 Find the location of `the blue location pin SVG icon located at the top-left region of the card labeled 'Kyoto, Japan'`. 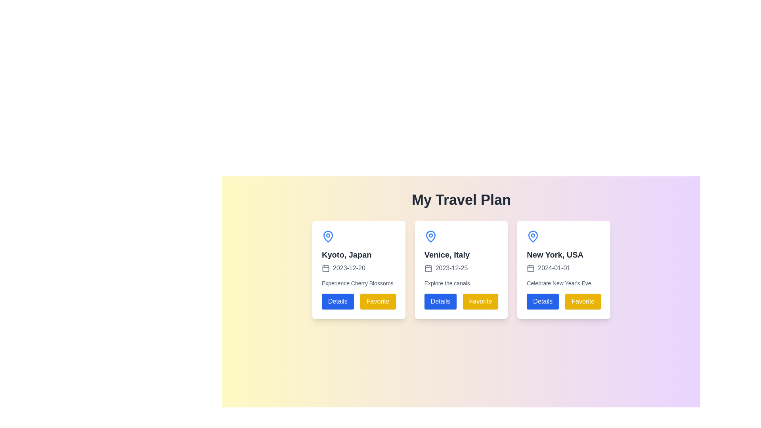

the blue location pin SVG icon located at the top-left region of the card labeled 'Kyoto, Japan' is located at coordinates (328, 236).